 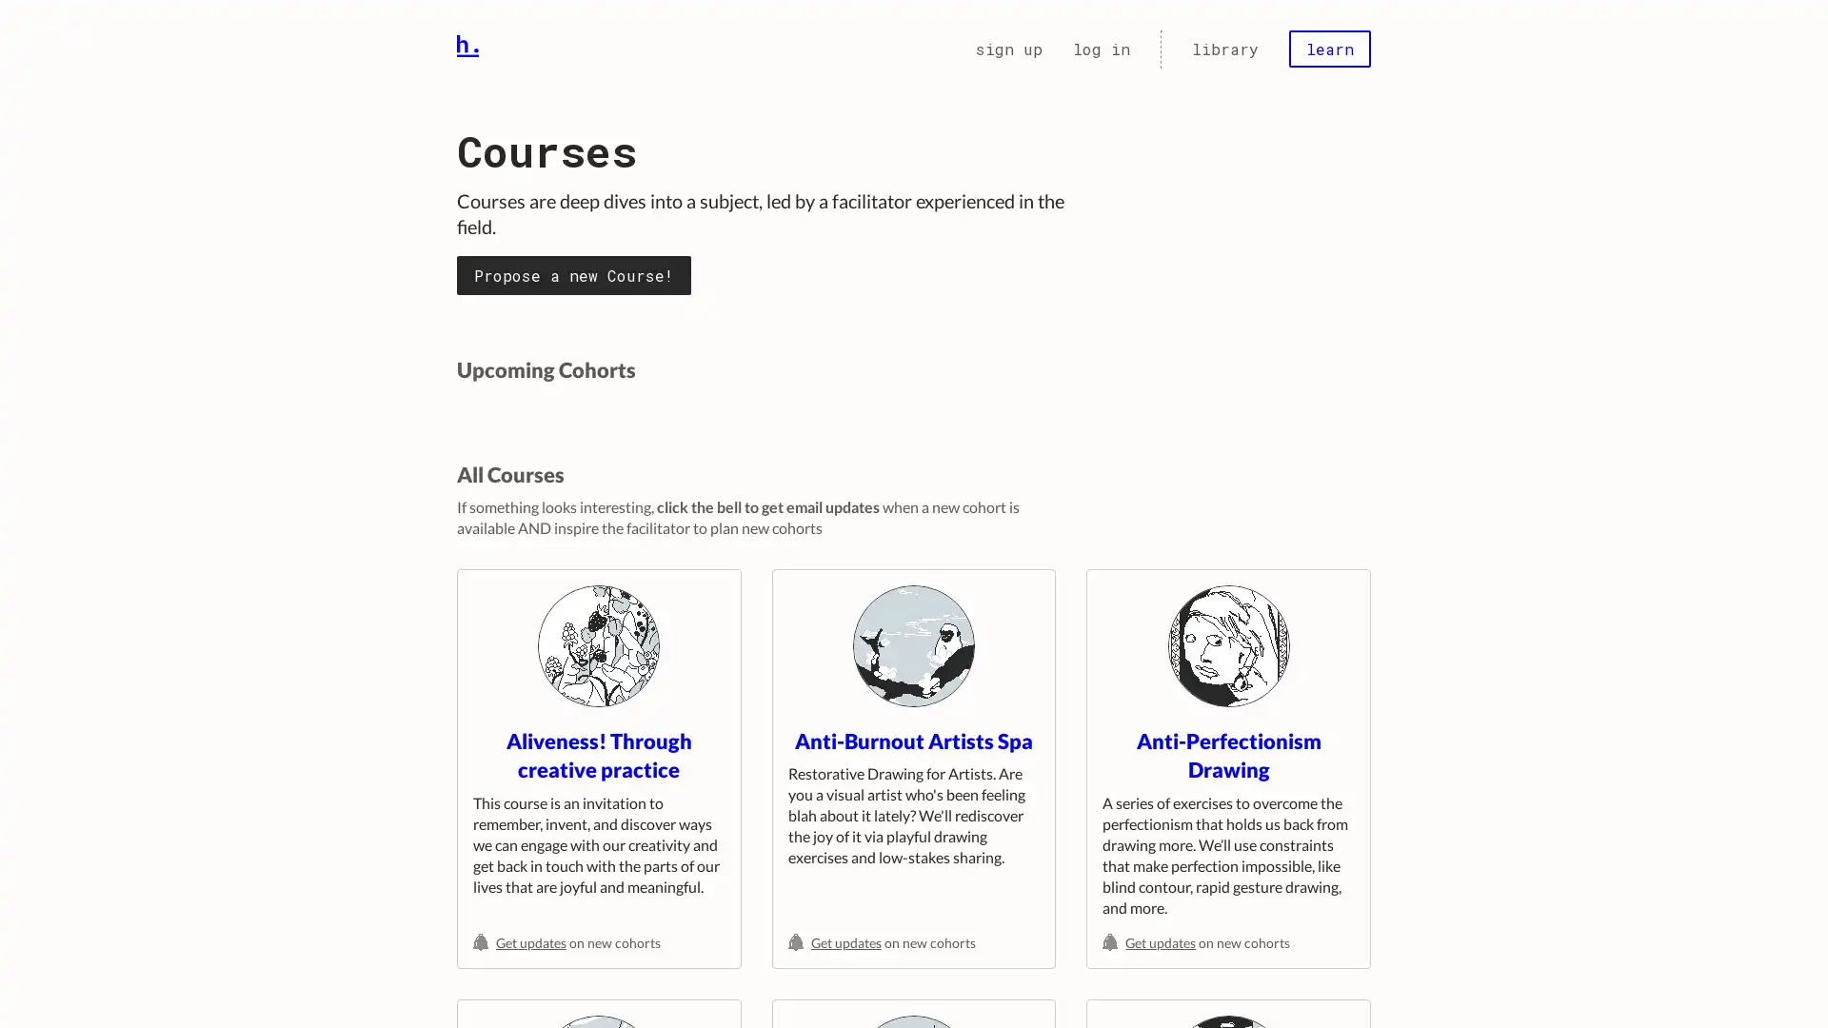 What do you see at coordinates (1328, 48) in the screenshot?
I see `learn` at bounding box center [1328, 48].